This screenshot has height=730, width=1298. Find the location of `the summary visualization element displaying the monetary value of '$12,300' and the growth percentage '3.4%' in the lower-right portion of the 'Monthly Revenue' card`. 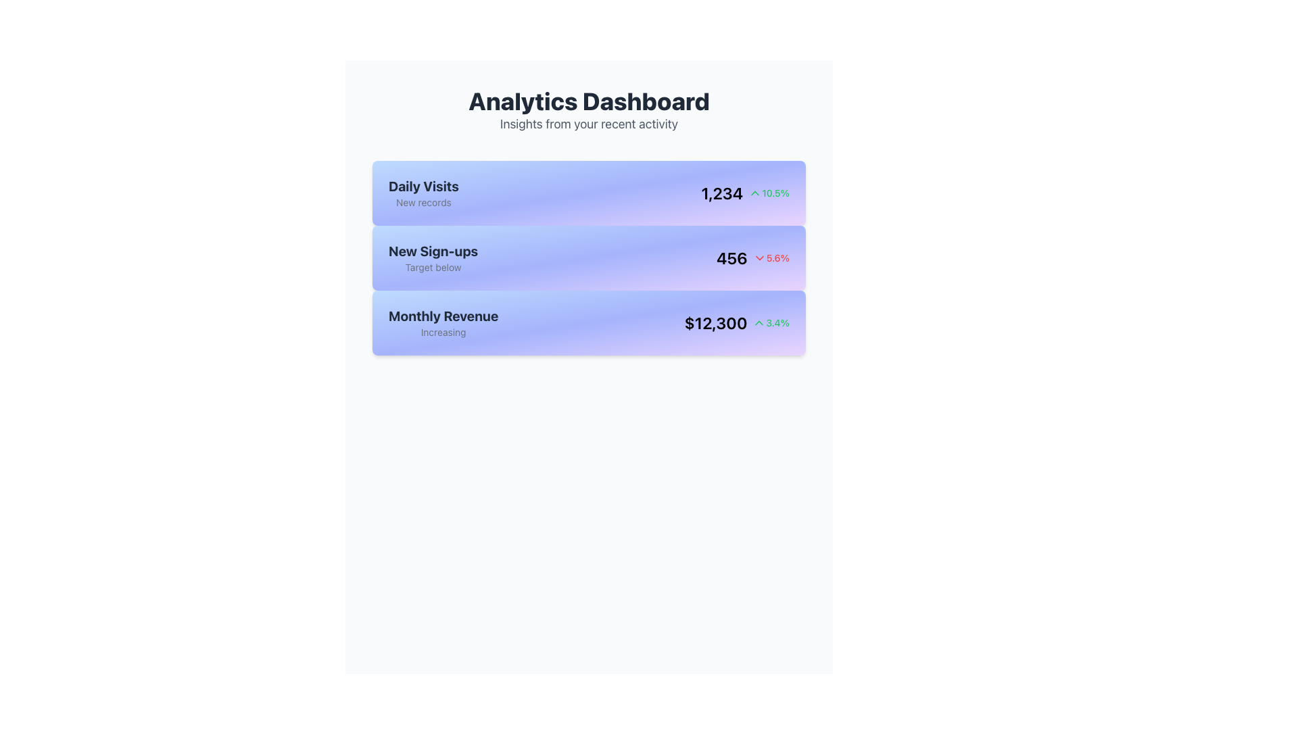

the summary visualization element displaying the monetary value of '$12,300' and the growth percentage '3.4%' in the lower-right portion of the 'Monthly Revenue' card is located at coordinates (736, 323).